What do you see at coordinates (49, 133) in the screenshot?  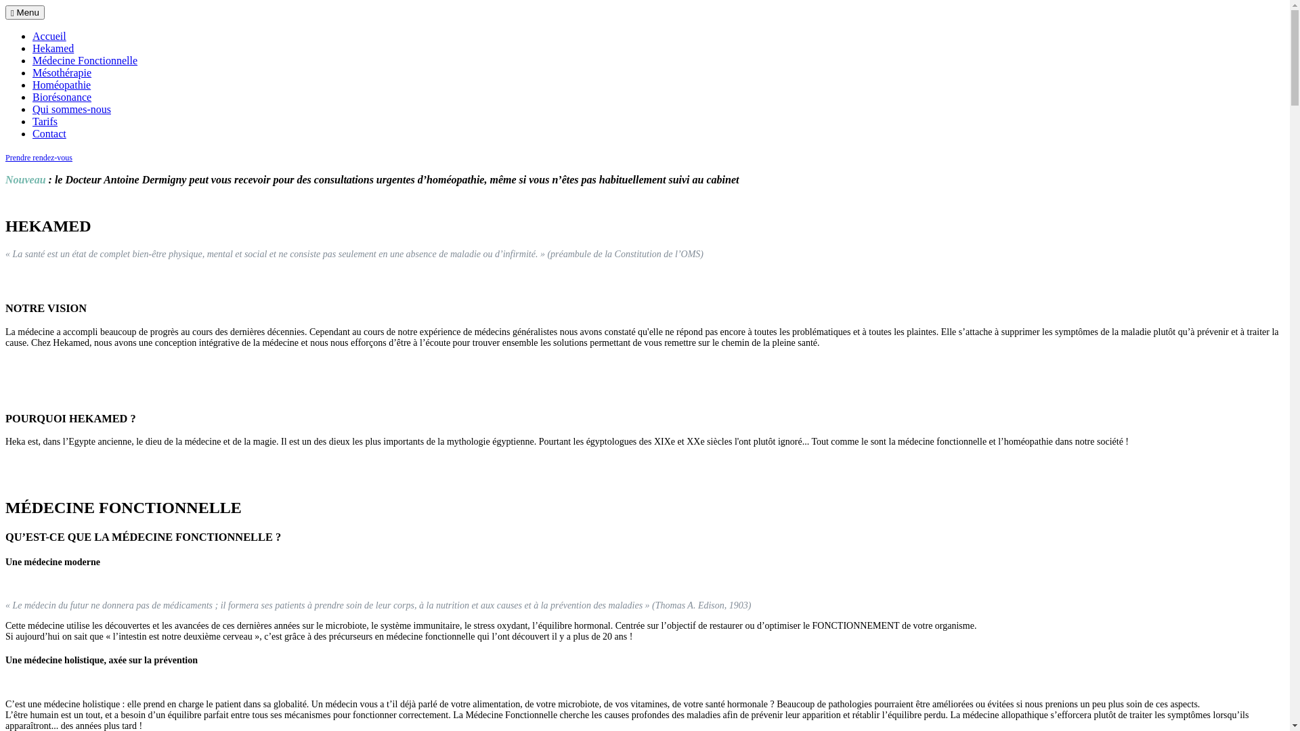 I see `'Contact'` at bounding box center [49, 133].